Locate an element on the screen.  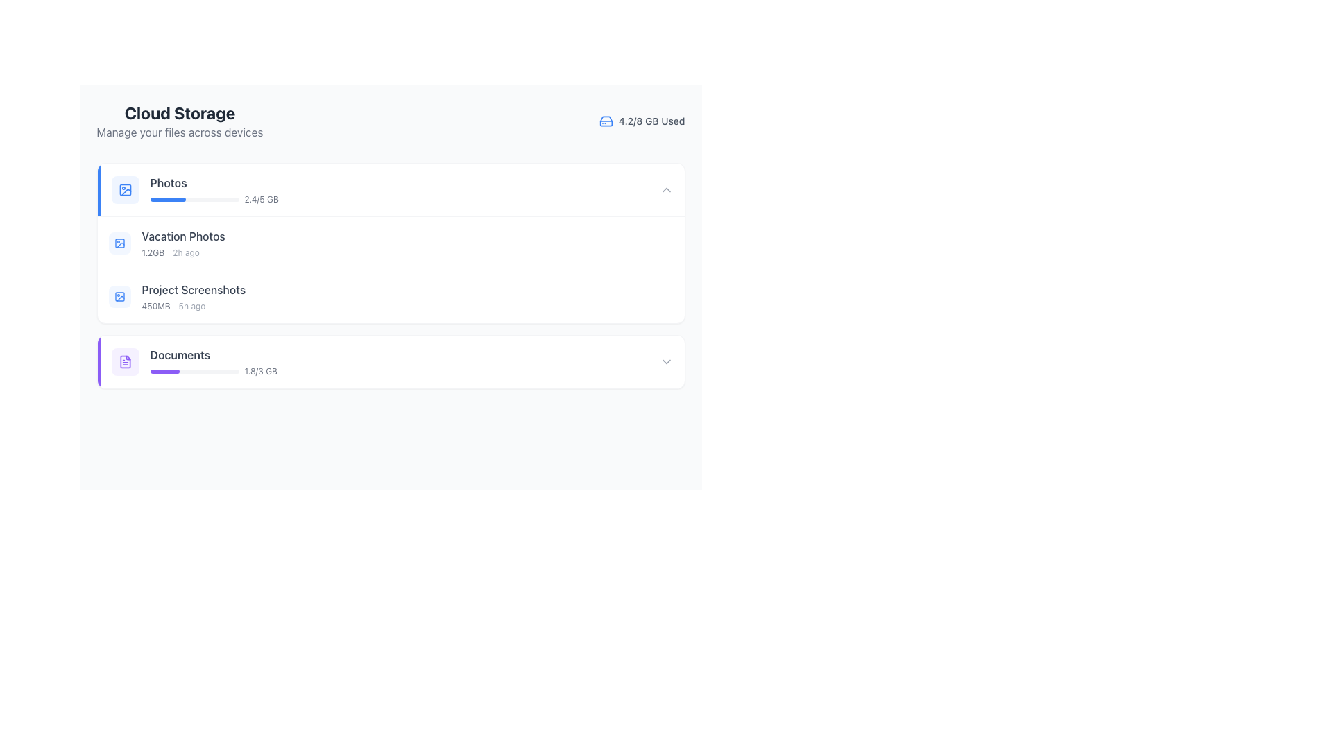
to select the file entry located in the second row of the file list within the 'Cloud Storage' section, which displays details such as name, size, and last modification time is located at coordinates (166, 243).